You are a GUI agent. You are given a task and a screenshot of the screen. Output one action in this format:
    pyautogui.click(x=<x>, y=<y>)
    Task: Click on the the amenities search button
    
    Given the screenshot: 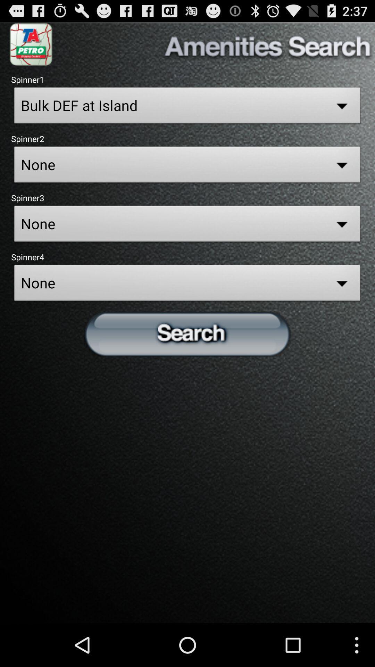 What is the action you would take?
    pyautogui.click(x=214, y=44)
    